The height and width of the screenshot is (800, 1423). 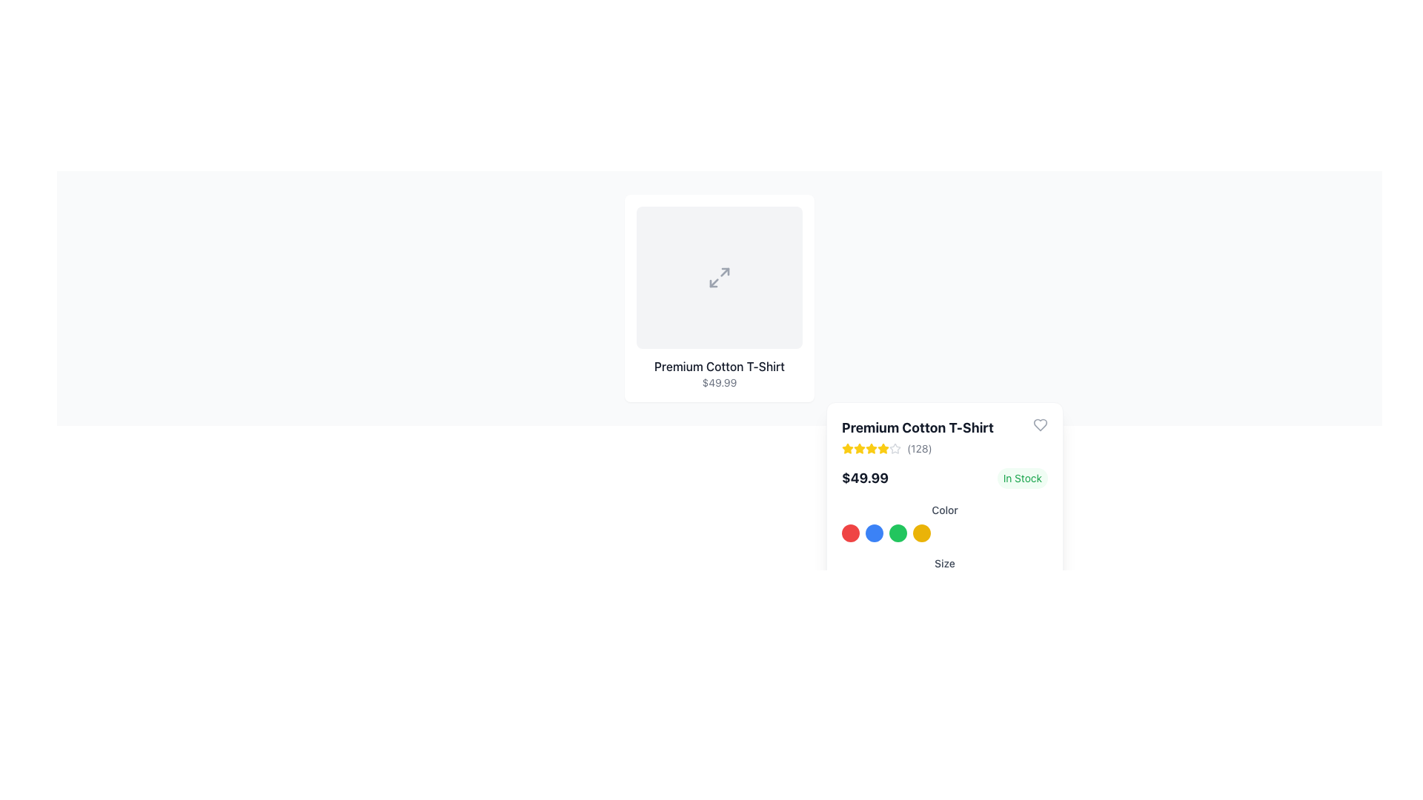 What do you see at coordinates (865, 478) in the screenshot?
I see `bold text label displaying the price '$49.99' located in the pricing section of the product card, next to the 'In Stock' label` at bounding box center [865, 478].